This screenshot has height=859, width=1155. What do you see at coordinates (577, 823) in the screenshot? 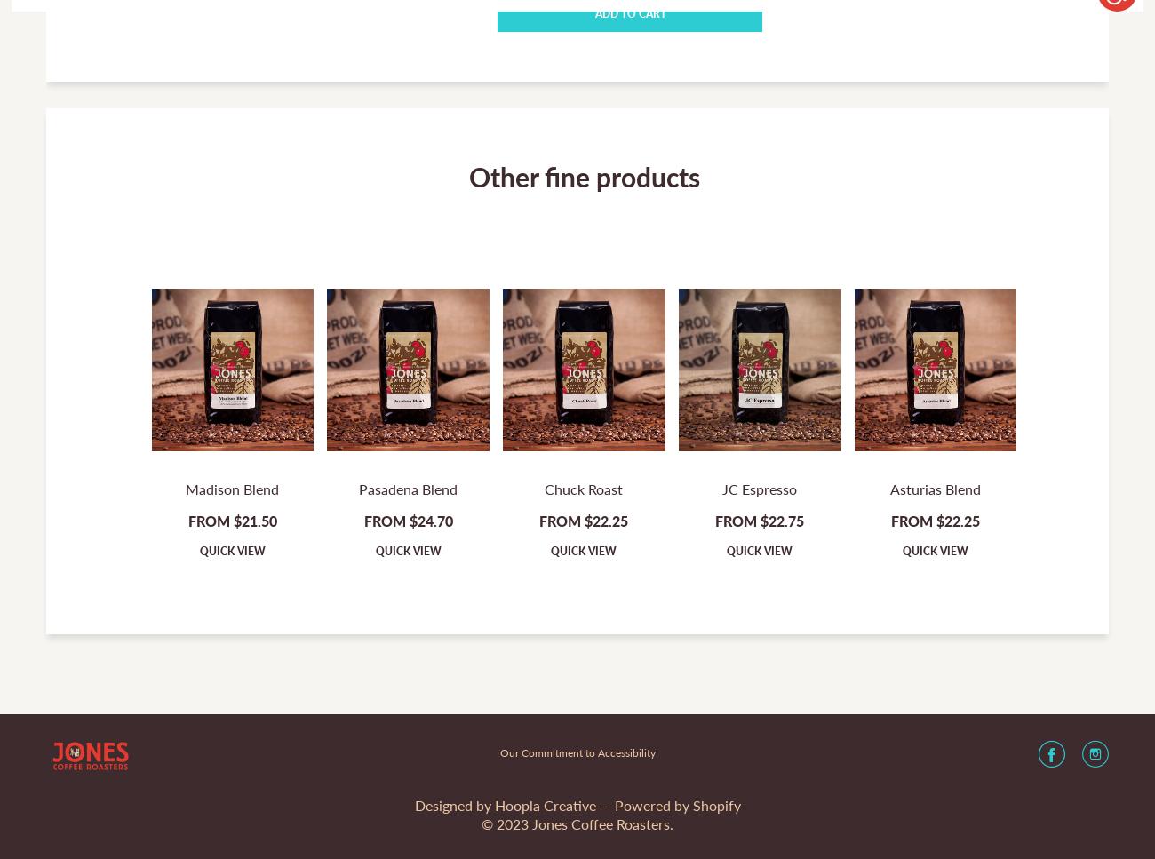
I see `'© 2023 Jones Coffee Roasters.'` at bounding box center [577, 823].